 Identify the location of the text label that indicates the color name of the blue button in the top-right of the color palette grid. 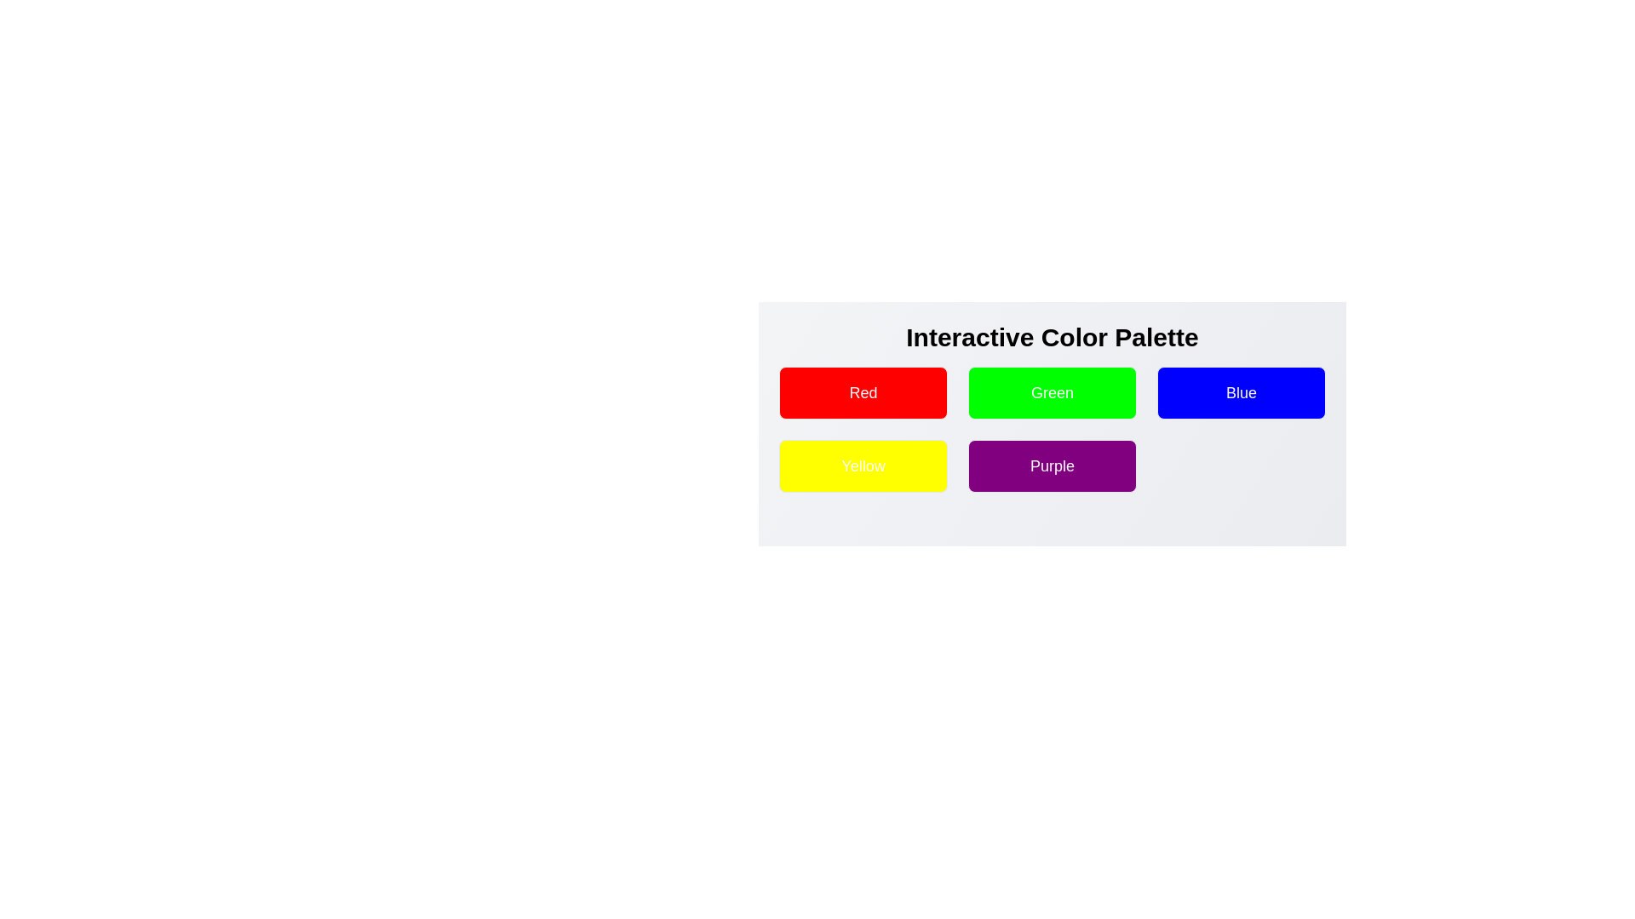
(1242, 393).